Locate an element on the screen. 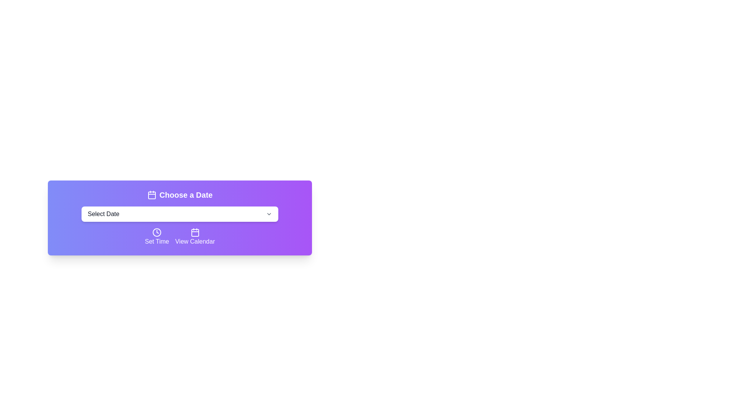 This screenshot has height=413, width=735. the header text with icon at the top center of the date selection interface to indicate its purpose is located at coordinates (180, 194).